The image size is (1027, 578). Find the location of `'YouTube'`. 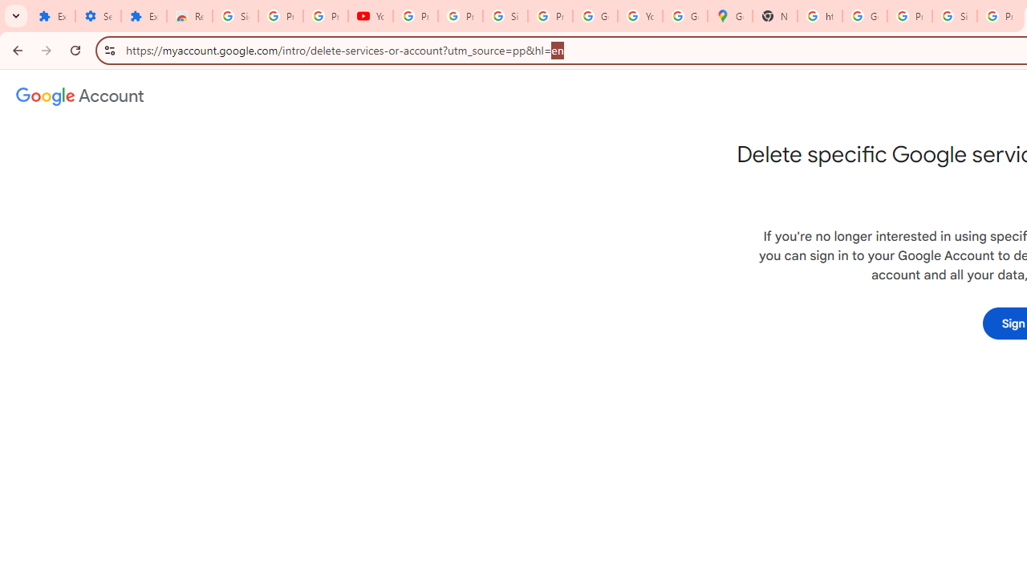

'YouTube' is located at coordinates (370, 16).